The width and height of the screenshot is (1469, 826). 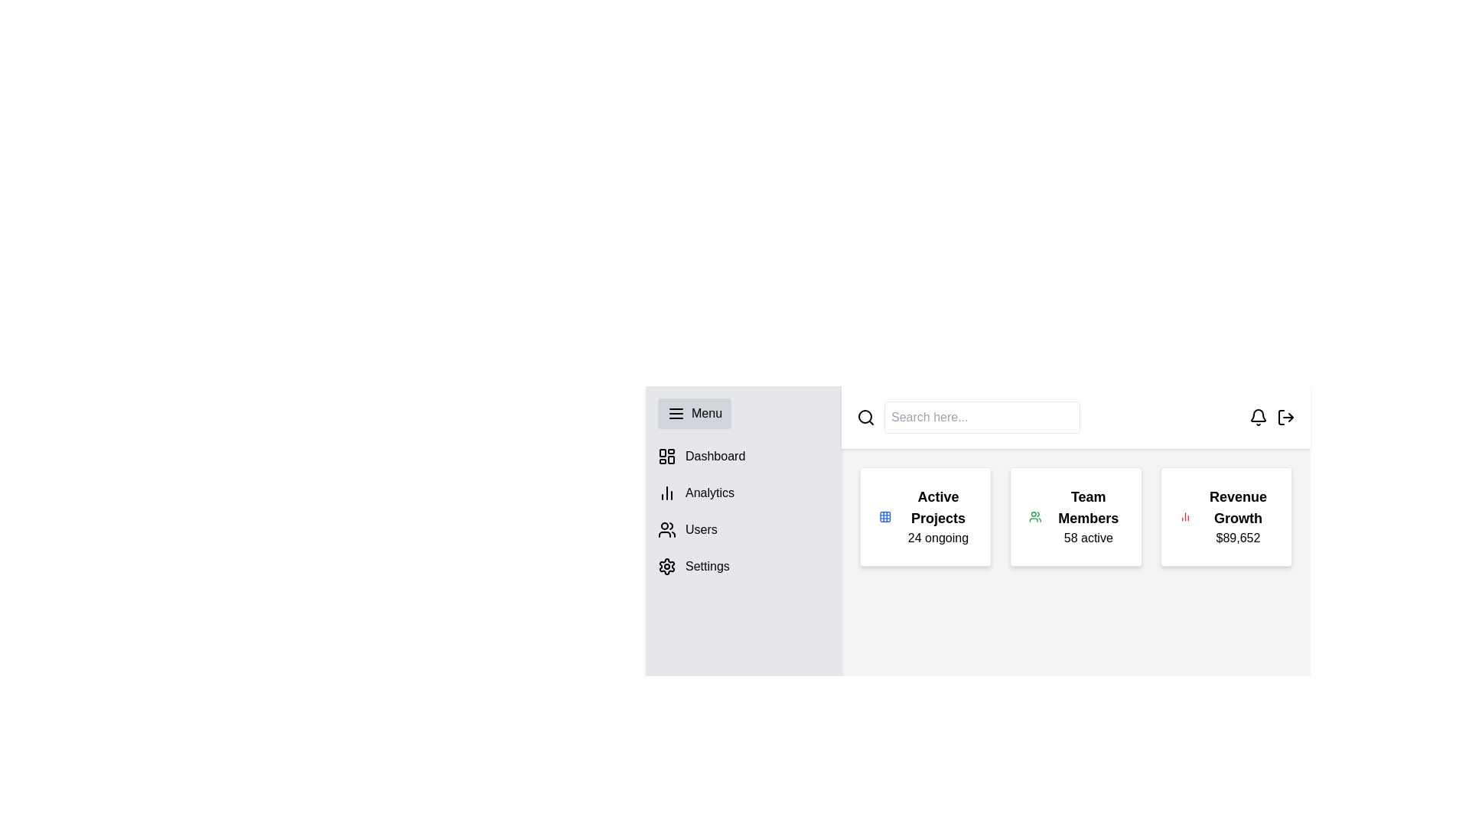 What do you see at coordinates (743, 529) in the screenshot?
I see `the 'Users' navigation link, which is the third item` at bounding box center [743, 529].